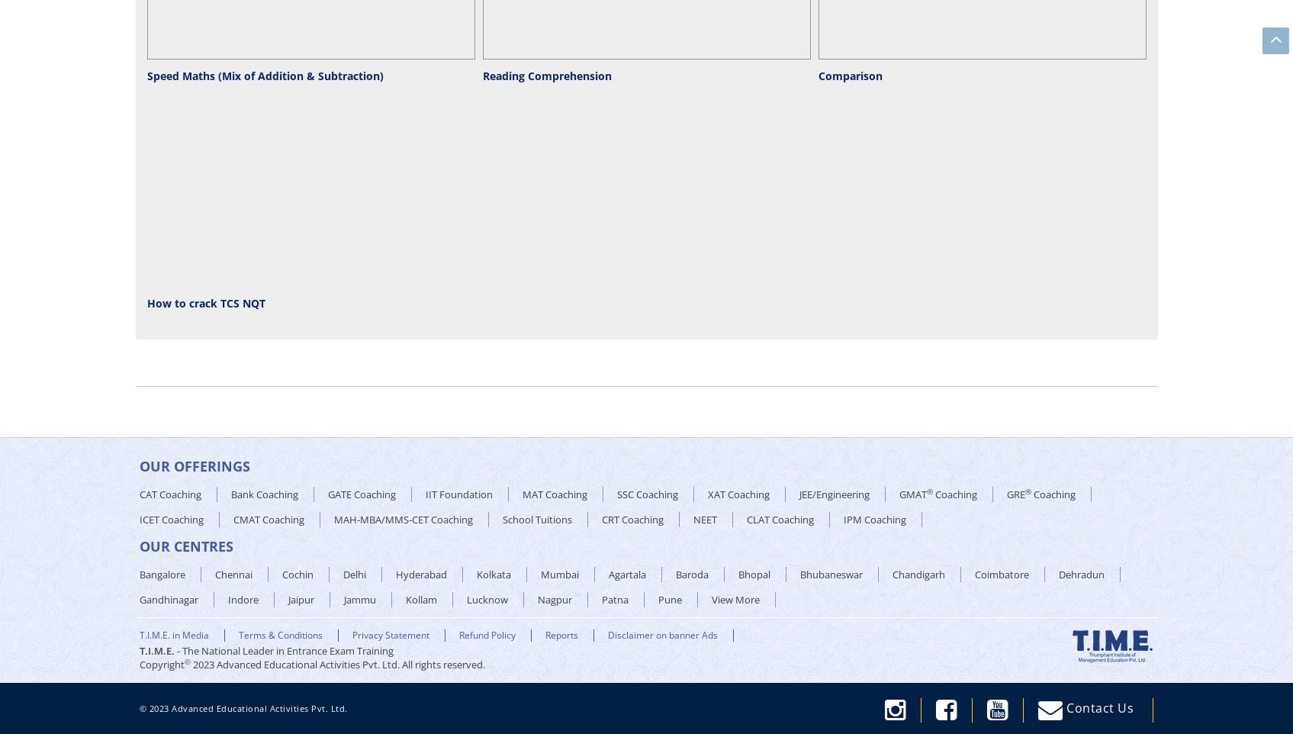 Image resolution: width=1293 pixels, height=734 pixels. Describe the element at coordinates (668, 598) in the screenshot. I see `'Pune'` at that location.